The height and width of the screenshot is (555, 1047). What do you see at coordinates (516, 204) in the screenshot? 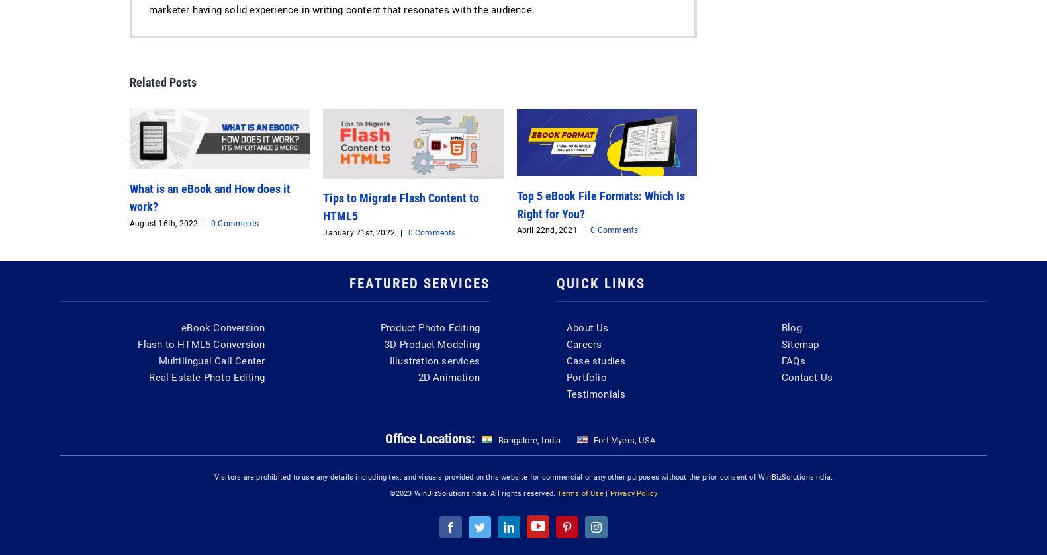
I see `'Top 5 eBook File Formats: Which Is Right for You?'` at bounding box center [516, 204].